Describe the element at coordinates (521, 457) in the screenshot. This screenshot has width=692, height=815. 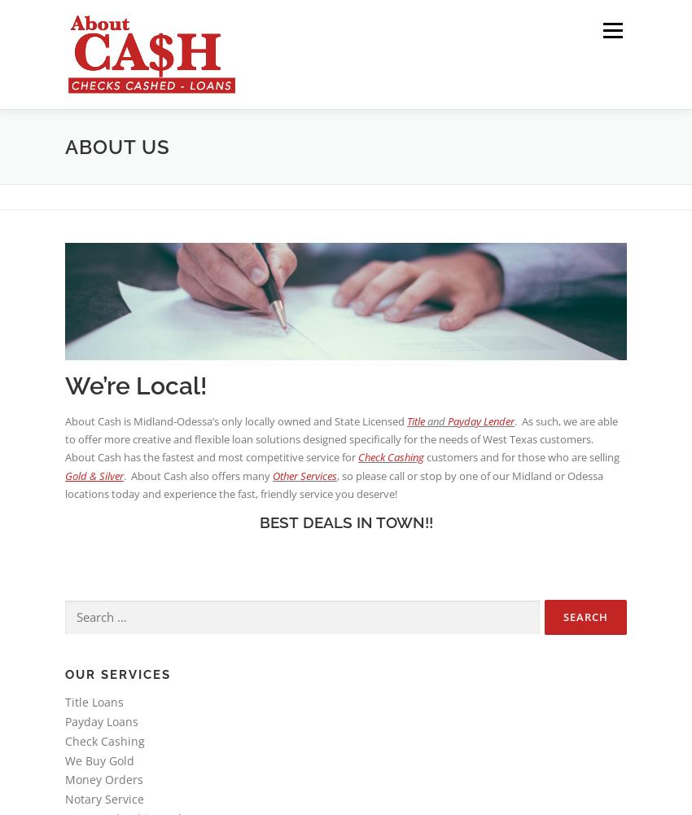
I see `'customers and for those who are selling'` at that location.